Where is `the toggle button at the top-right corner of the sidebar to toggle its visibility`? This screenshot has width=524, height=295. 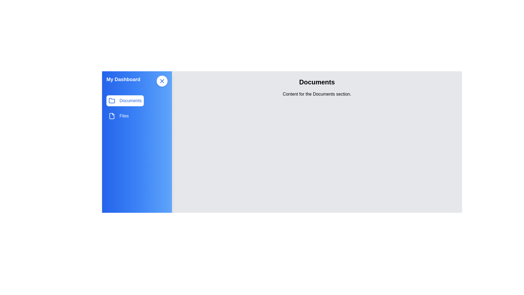
the toggle button at the top-right corner of the sidebar to toggle its visibility is located at coordinates (162, 81).